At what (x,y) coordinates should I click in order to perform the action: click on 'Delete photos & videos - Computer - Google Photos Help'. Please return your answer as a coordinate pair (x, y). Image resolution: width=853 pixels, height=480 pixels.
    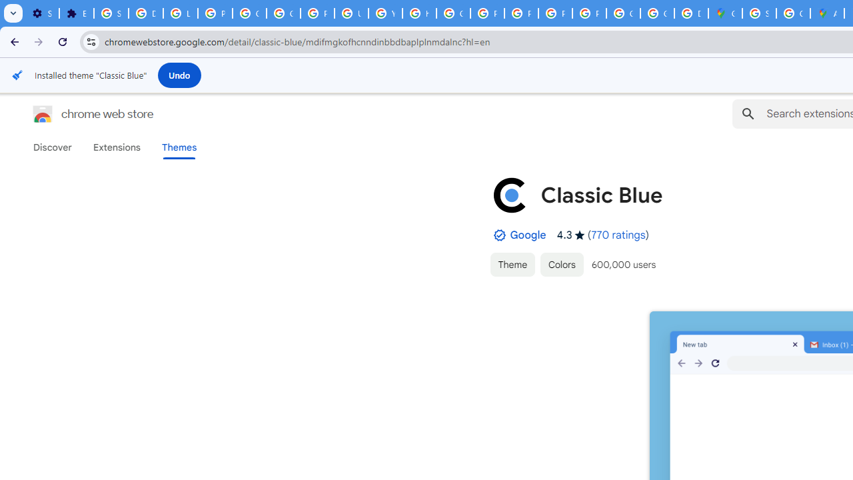
    Looking at the image, I should click on (145, 13).